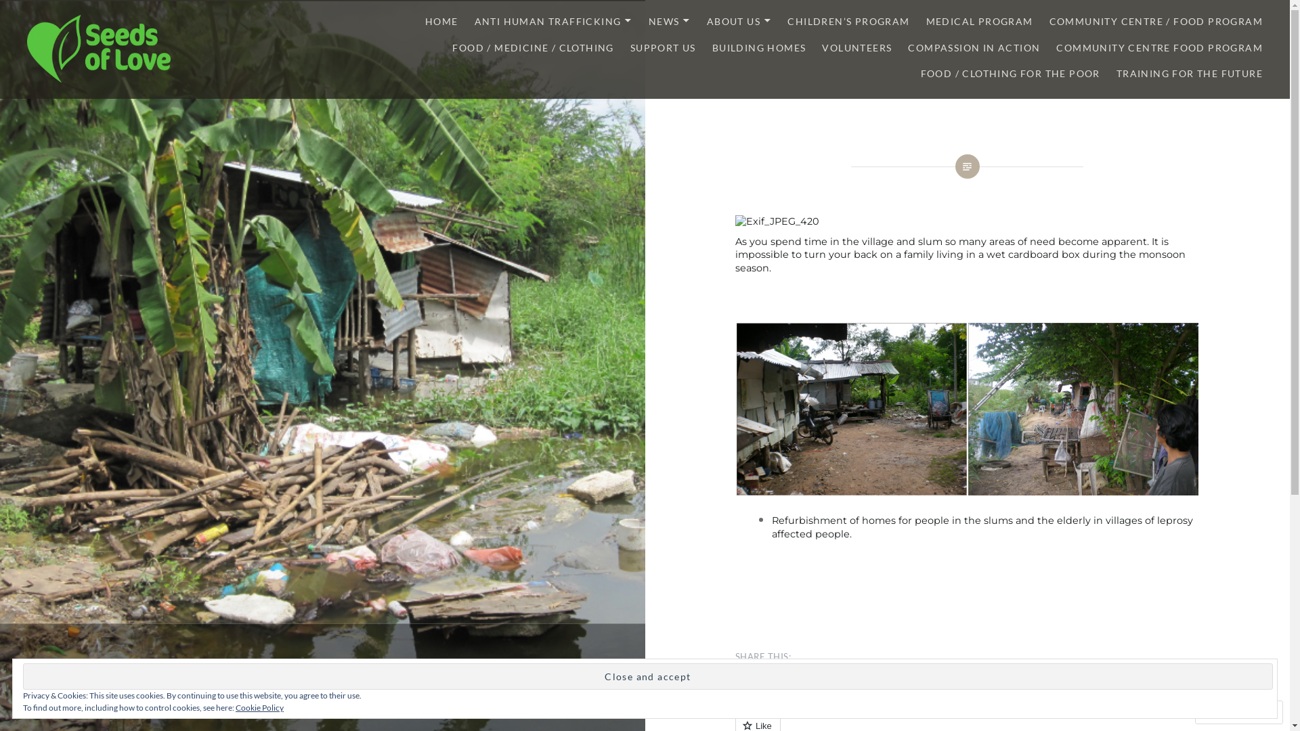 Image resolution: width=1300 pixels, height=731 pixels. What do you see at coordinates (979, 22) in the screenshot?
I see `'MEDICAL PROGRAM'` at bounding box center [979, 22].